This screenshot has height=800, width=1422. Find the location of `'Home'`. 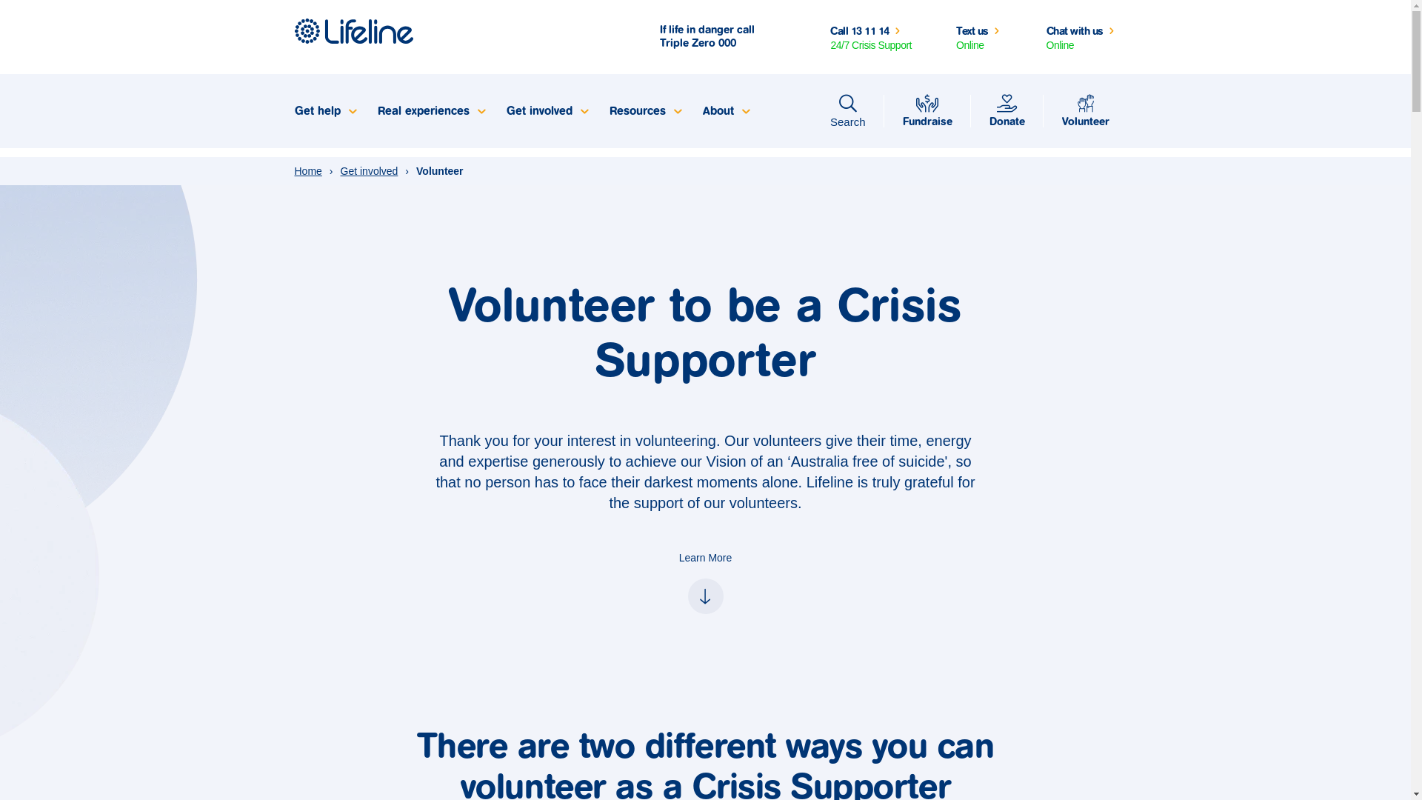

'Home' is located at coordinates (307, 170).